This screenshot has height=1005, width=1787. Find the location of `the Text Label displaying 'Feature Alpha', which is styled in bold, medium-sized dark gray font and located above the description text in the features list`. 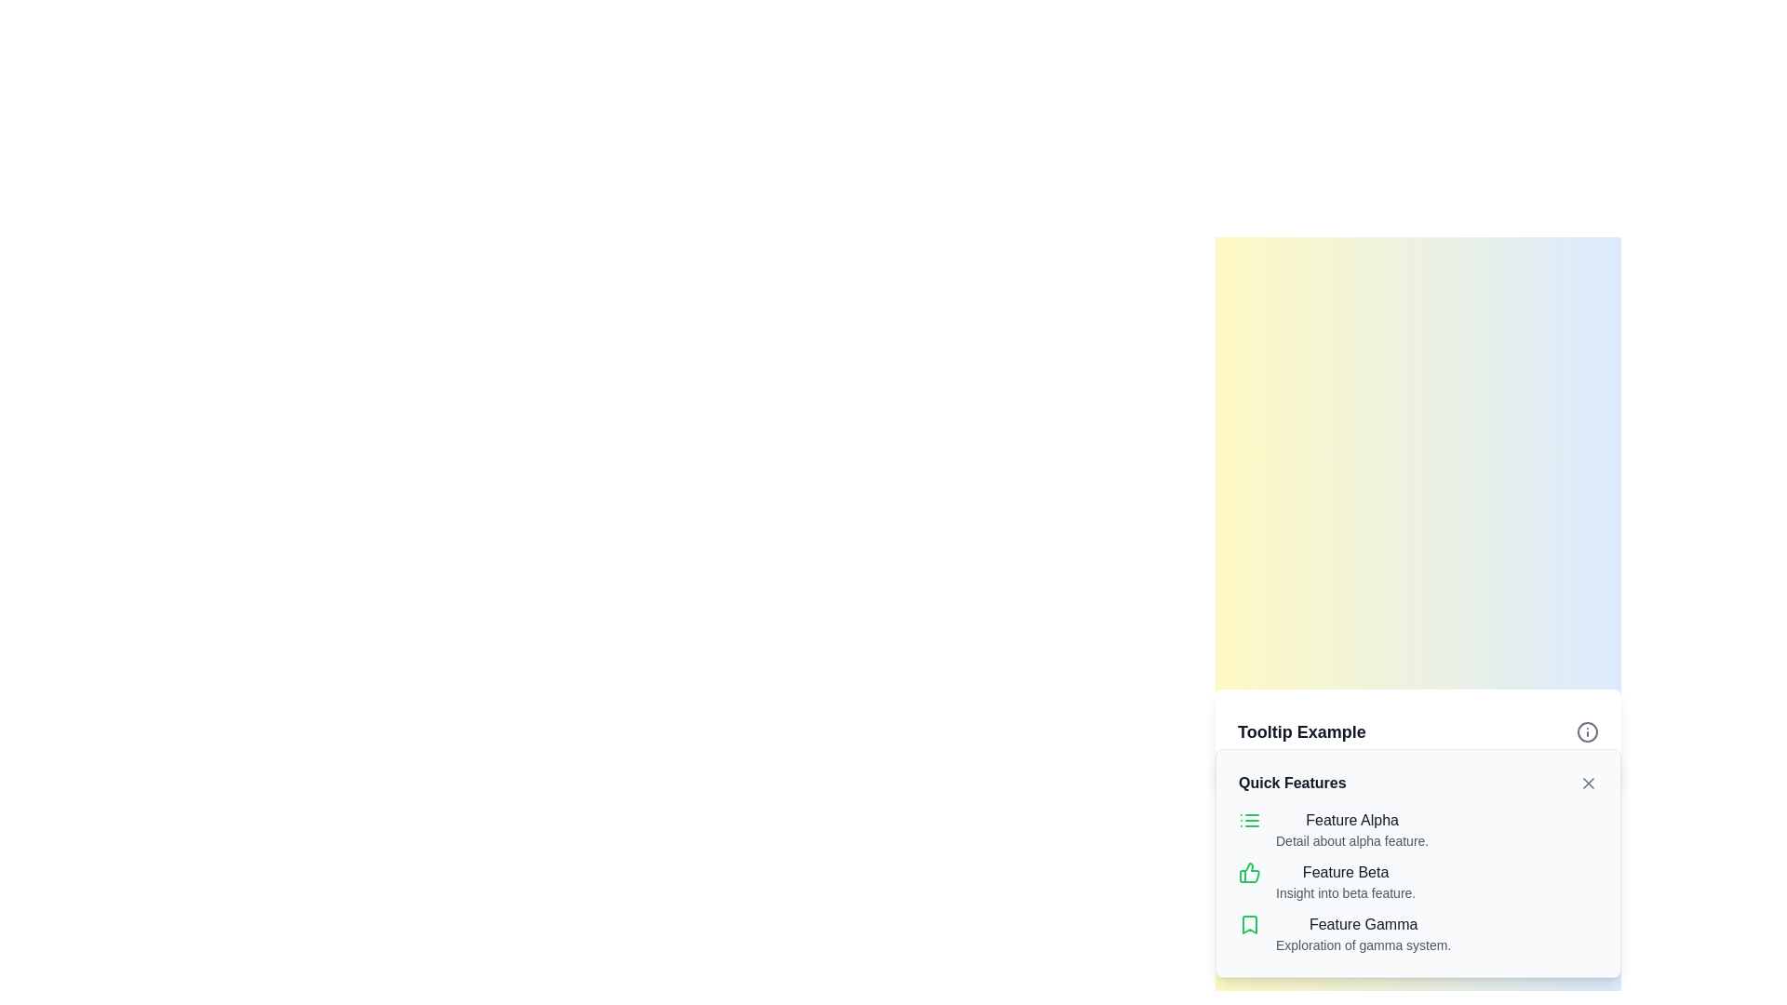

the Text Label displaying 'Feature Alpha', which is styled in bold, medium-sized dark gray font and located above the description text in the features list is located at coordinates (1352, 820).